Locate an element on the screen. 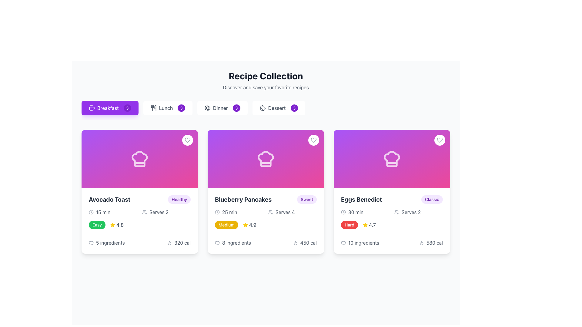 This screenshot has width=582, height=327. the purple pill-shaped badge with the text '3' that is adjacent to the text 'Dinner' is located at coordinates (236, 108).